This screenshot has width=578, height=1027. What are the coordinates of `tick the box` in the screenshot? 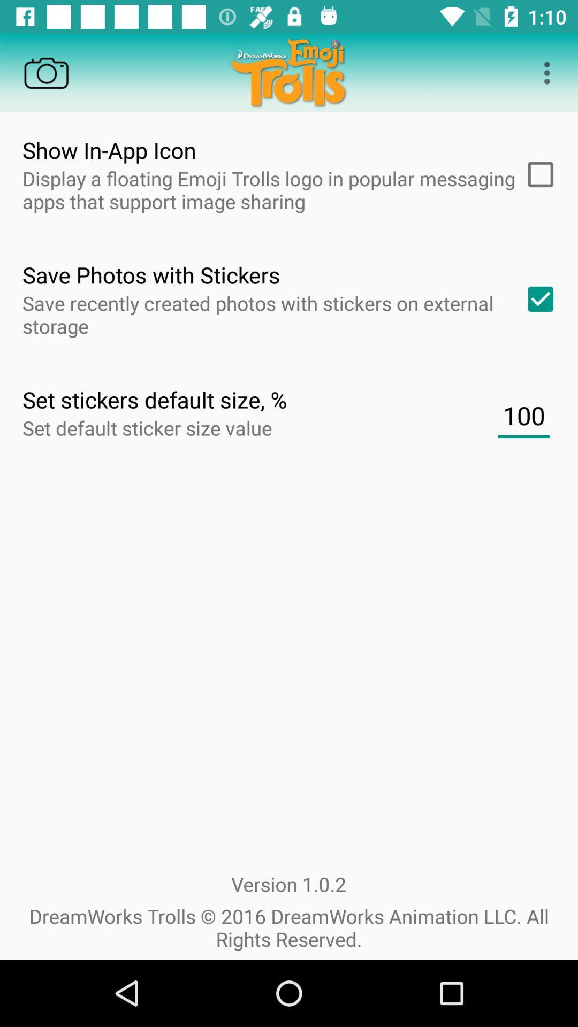 It's located at (537, 174).